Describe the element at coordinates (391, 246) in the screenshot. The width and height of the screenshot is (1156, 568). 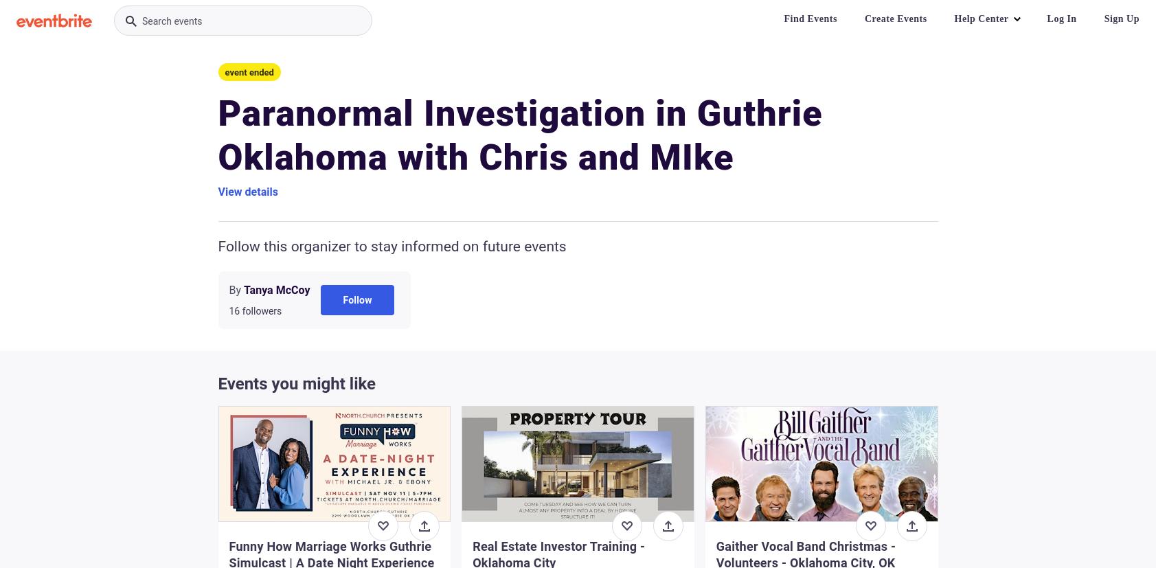
I see `'Follow this organizer to stay informed on future events'` at that location.